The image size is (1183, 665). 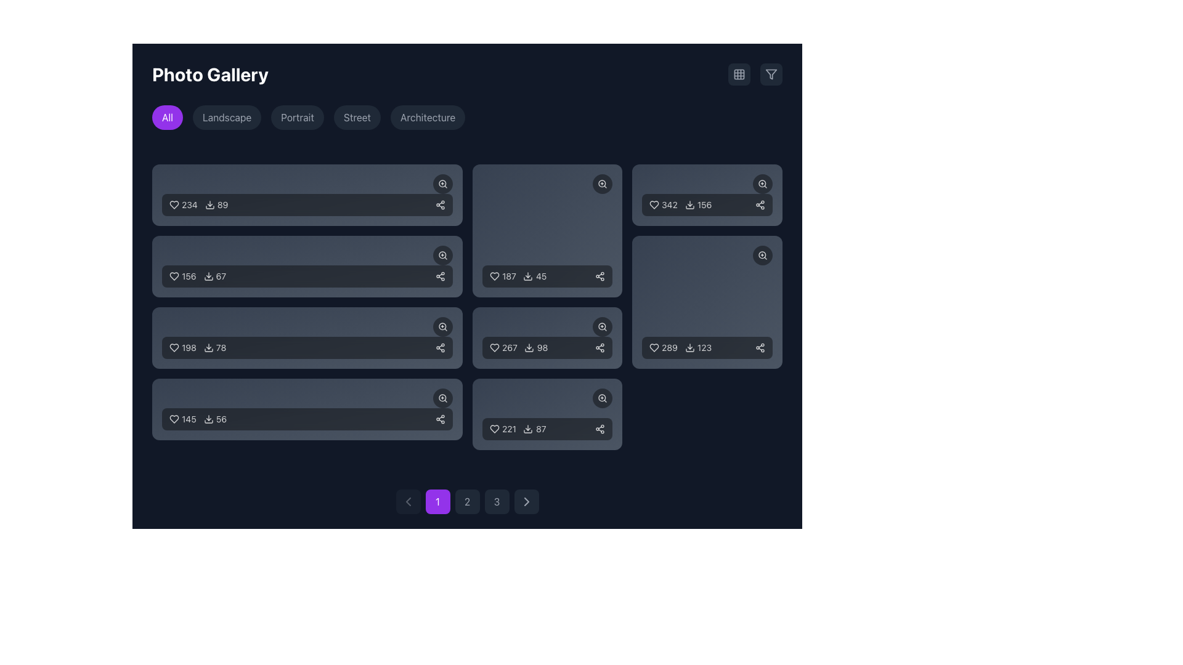 I want to click on the text element displaying the number '156' with a download arrow icon to its left, located in the second row and second column of the grid layout, so click(x=698, y=204).